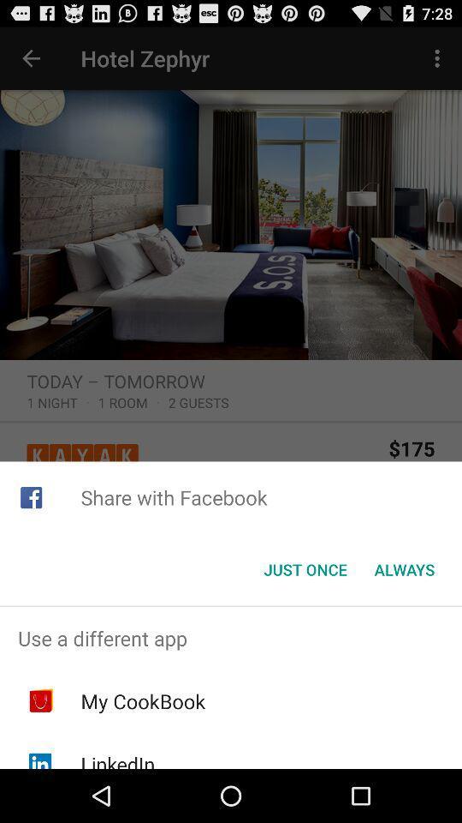  I want to click on icon below use a different icon, so click(142, 701).